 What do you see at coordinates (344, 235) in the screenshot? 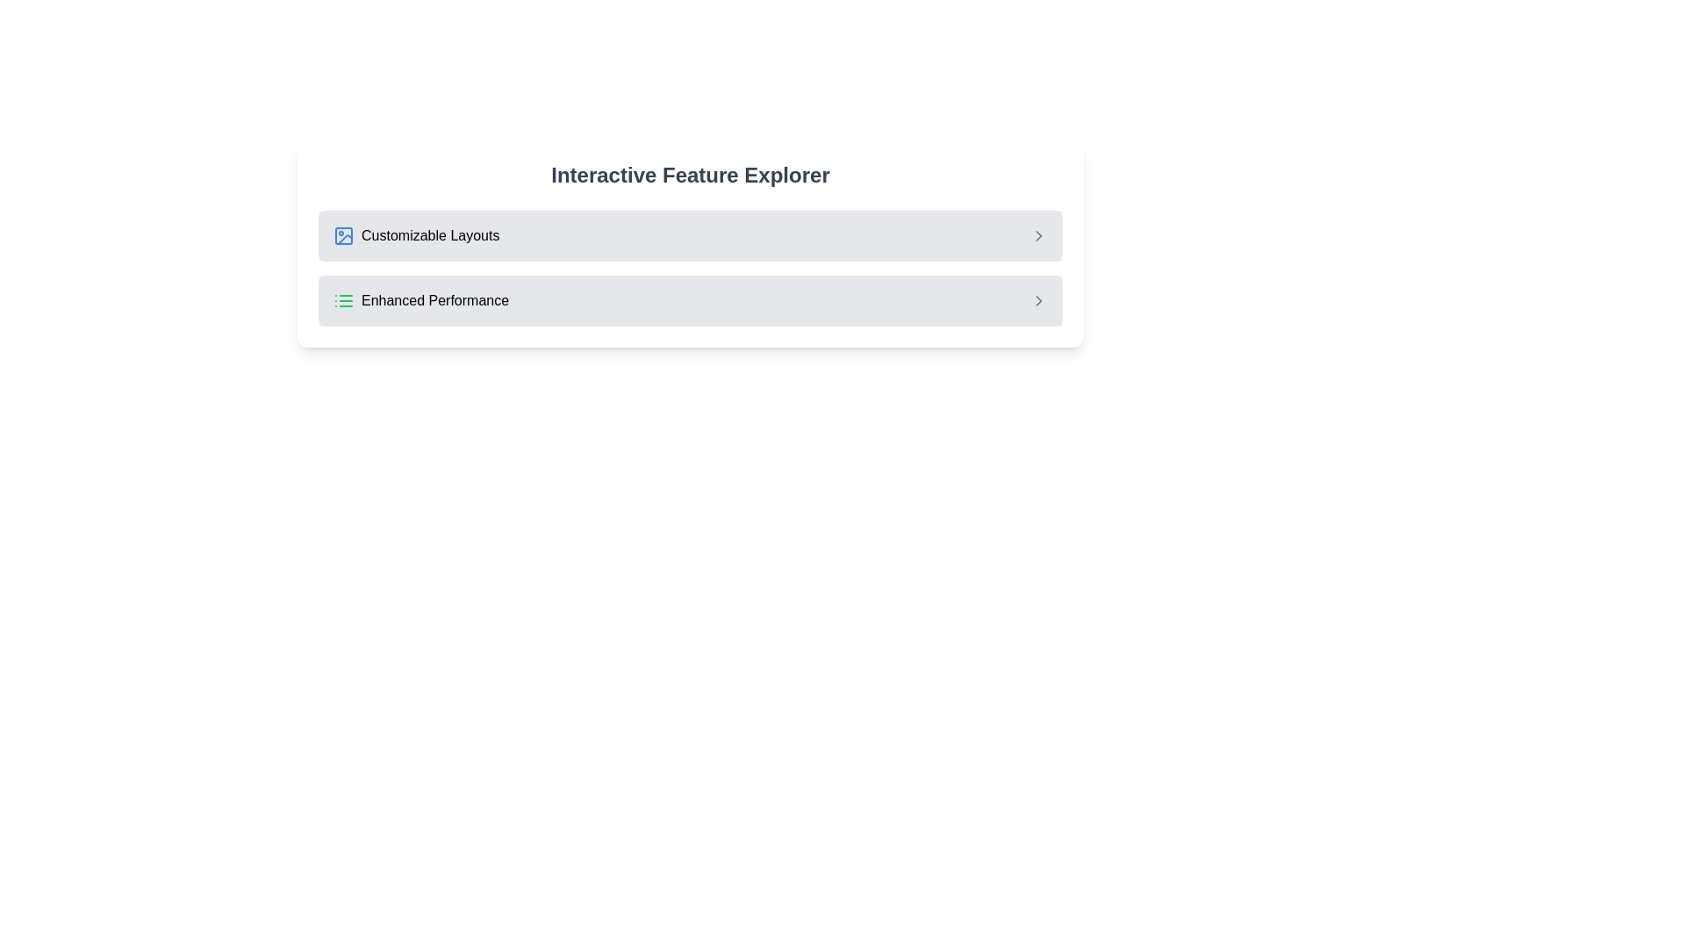
I see `the decorative icon positioned at the top-left of the 'Customizable Layouts' section` at bounding box center [344, 235].